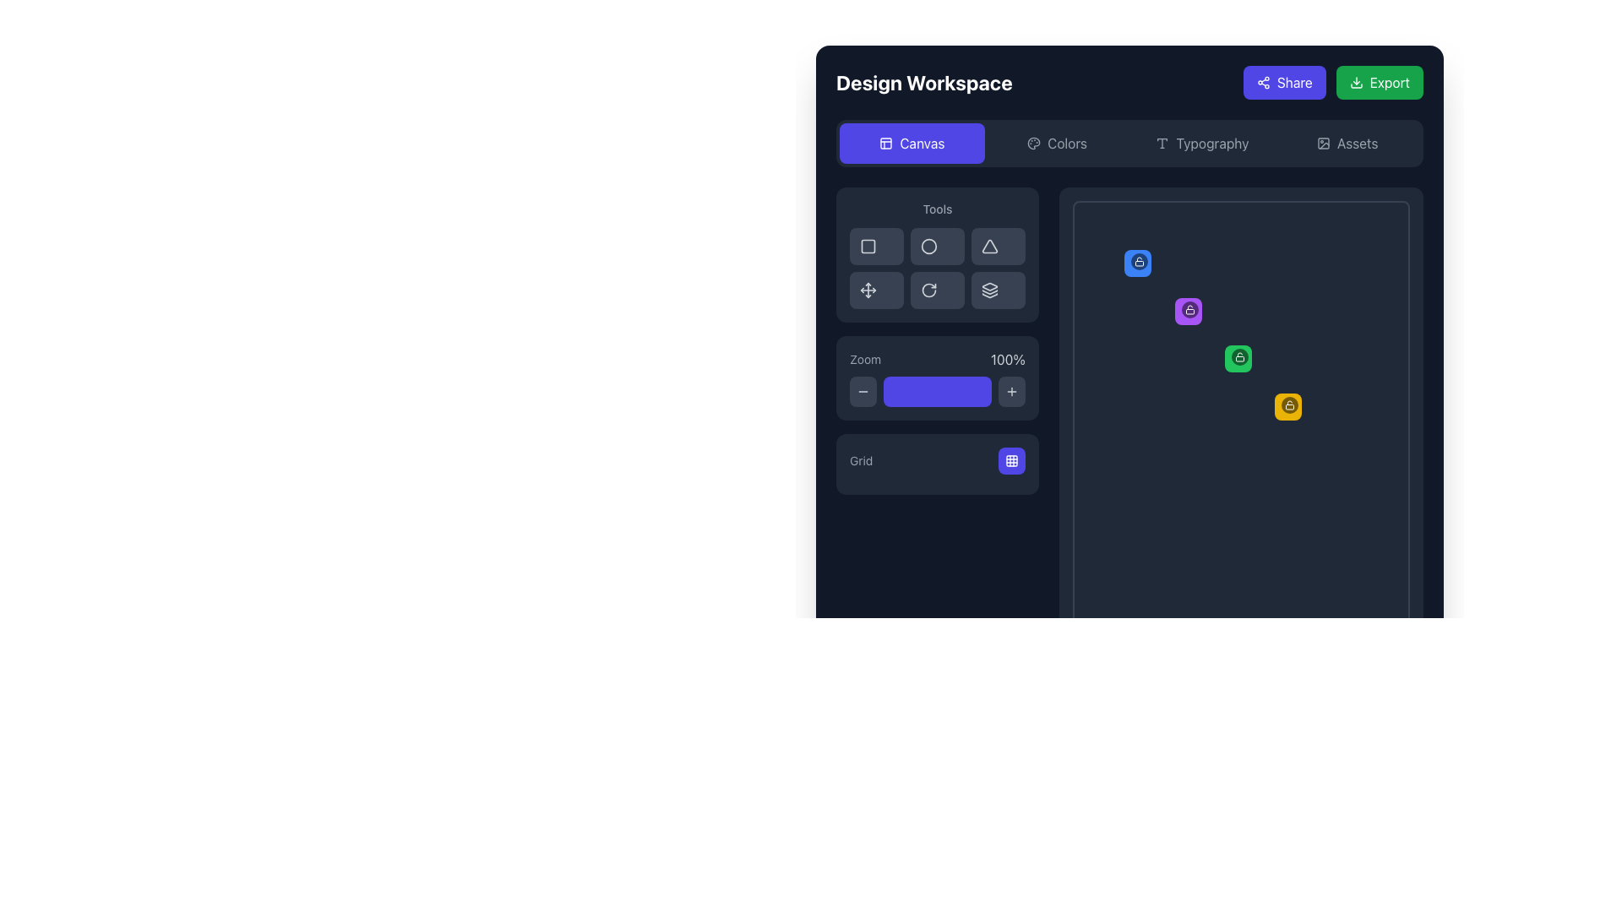 The width and height of the screenshot is (1622, 912). What do you see at coordinates (989, 285) in the screenshot?
I see `the top layer icon in the stacking tool section, which is the topmost part of a three-part icon design in the left panel of the interface` at bounding box center [989, 285].